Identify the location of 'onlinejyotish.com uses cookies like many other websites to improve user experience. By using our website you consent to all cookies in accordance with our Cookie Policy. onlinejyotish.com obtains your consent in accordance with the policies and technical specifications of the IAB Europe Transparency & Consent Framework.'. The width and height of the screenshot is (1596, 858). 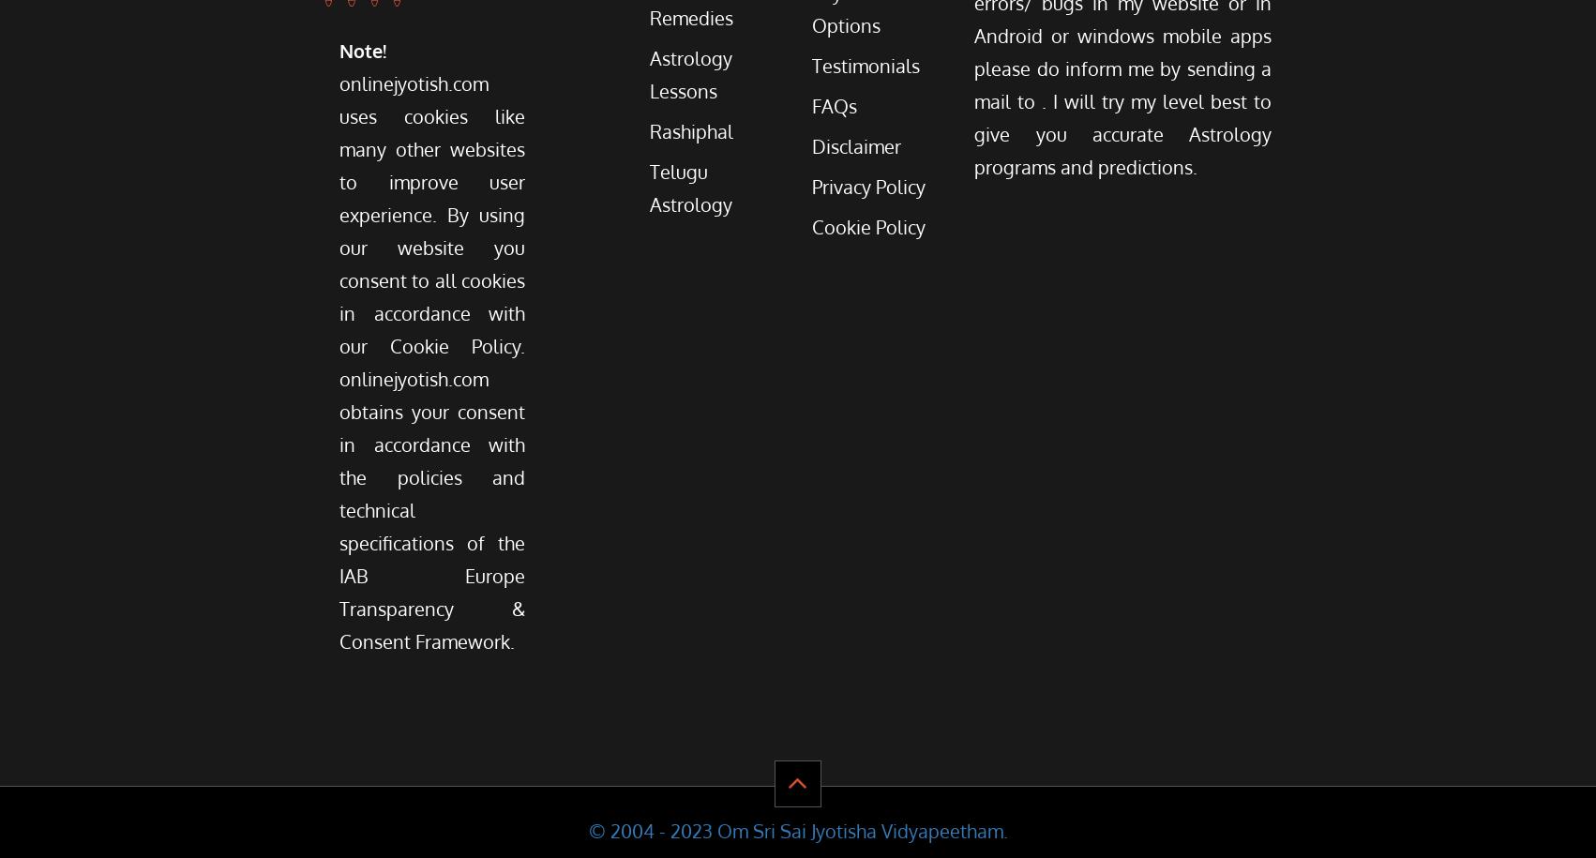
(339, 361).